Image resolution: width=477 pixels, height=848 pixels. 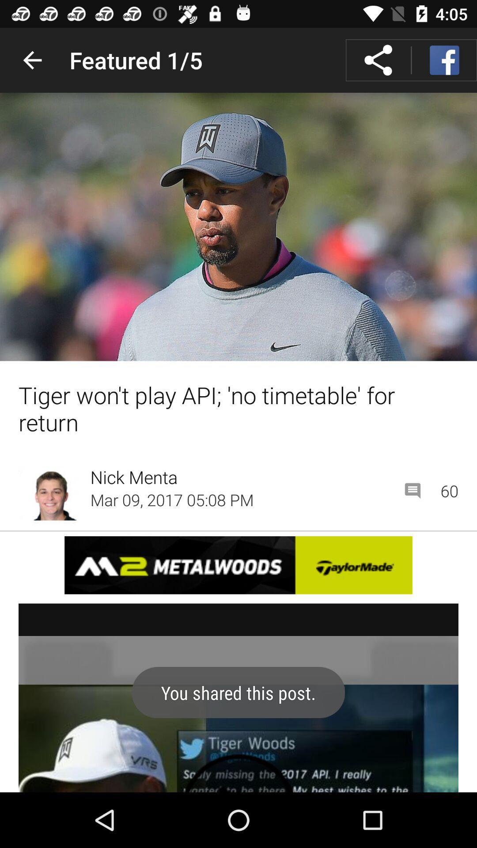 What do you see at coordinates (238, 564) in the screenshot?
I see `advertisement` at bounding box center [238, 564].